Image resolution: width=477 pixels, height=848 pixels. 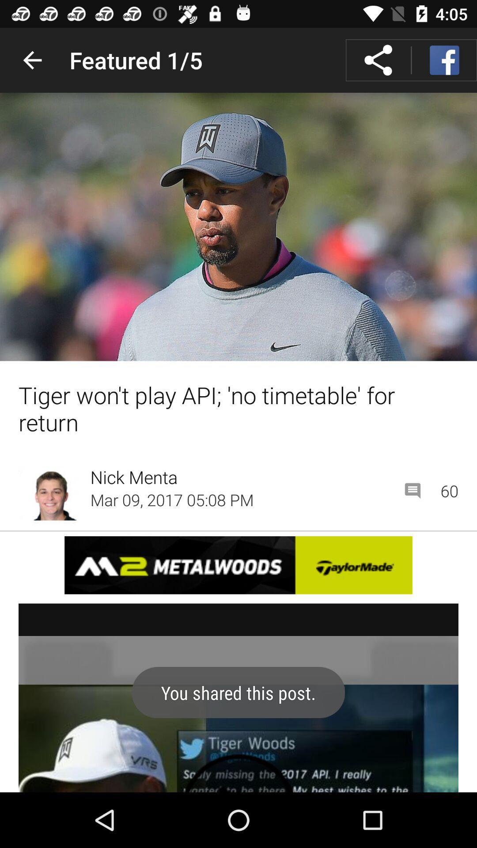 What do you see at coordinates (238, 564) in the screenshot?
I see `advertisement` at bounding box center [238, 564].